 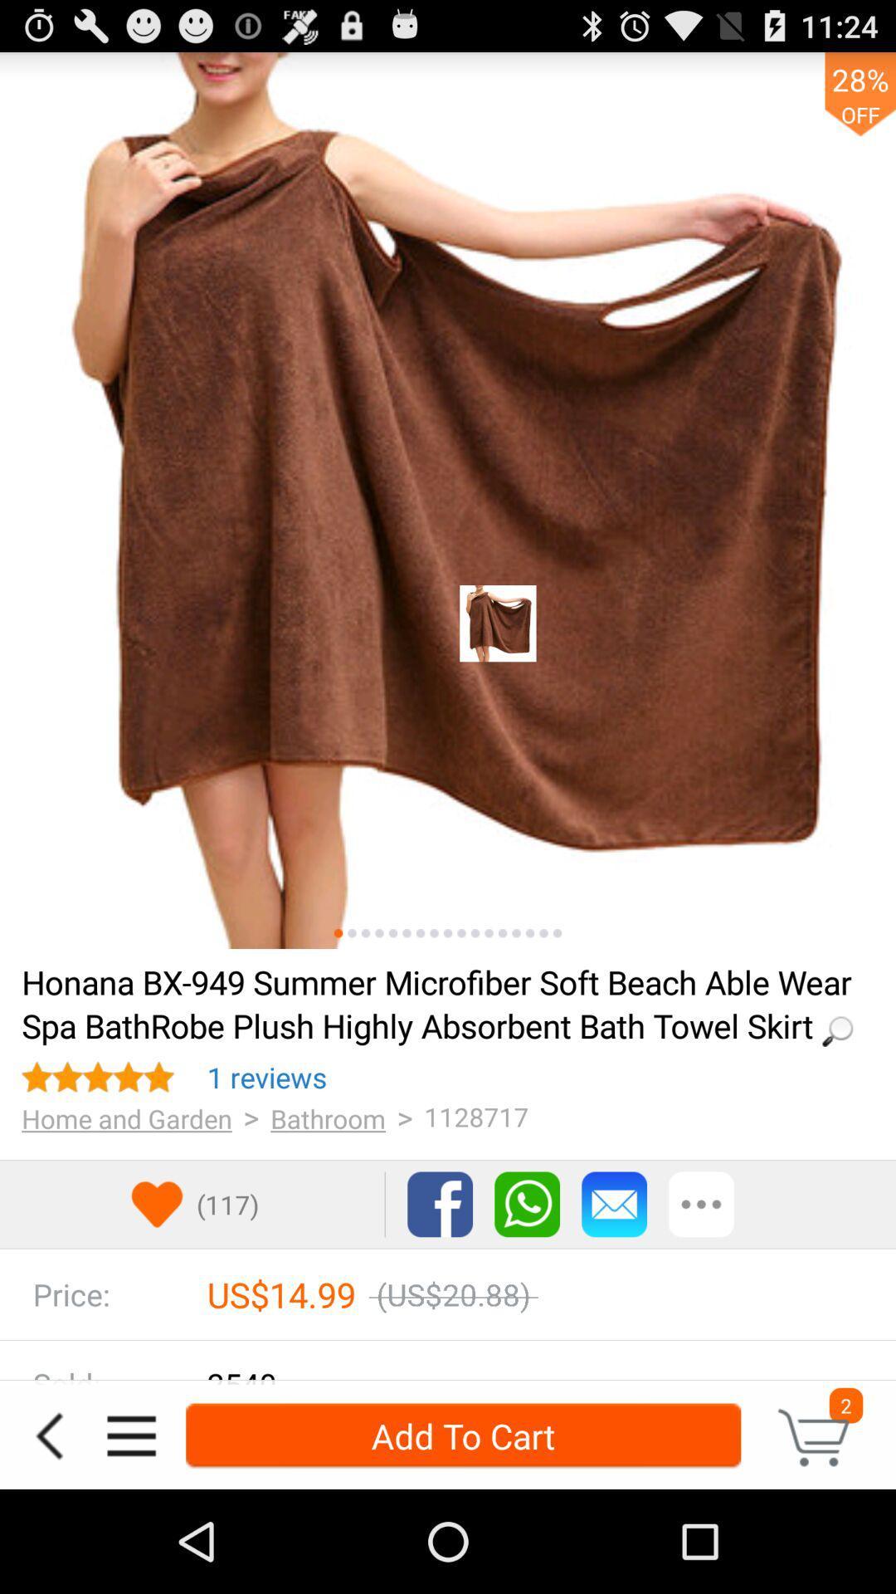 What do you see at coordinates (130, 1435) in the screenshot?
I see `settings` at bounding box center [130, 1435].